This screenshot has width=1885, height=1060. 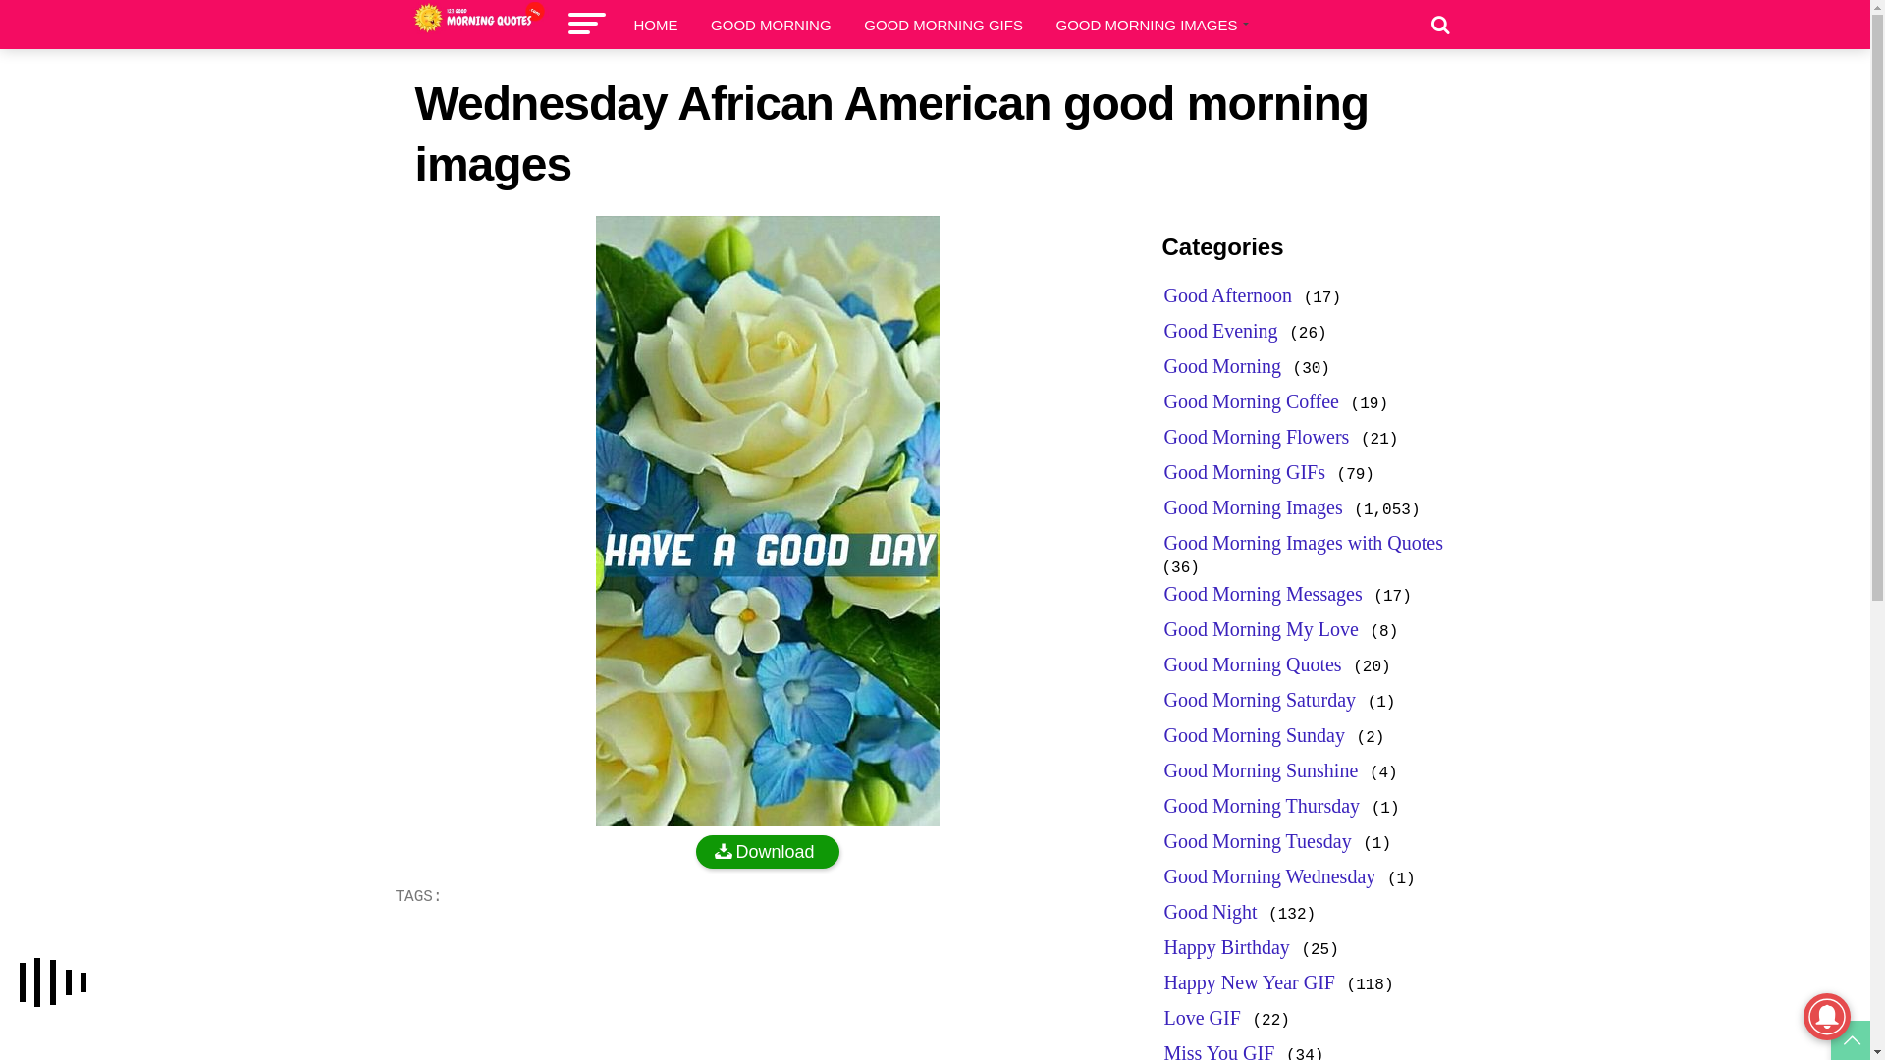 I want to click on 'Good Morning Flowers', so click(x=1257, y=435).